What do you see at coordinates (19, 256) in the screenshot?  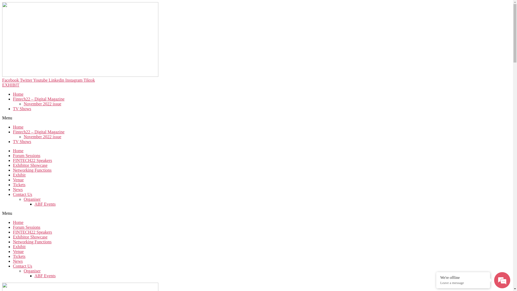 I see `'Tickets'` at bounding box center [19, 256].